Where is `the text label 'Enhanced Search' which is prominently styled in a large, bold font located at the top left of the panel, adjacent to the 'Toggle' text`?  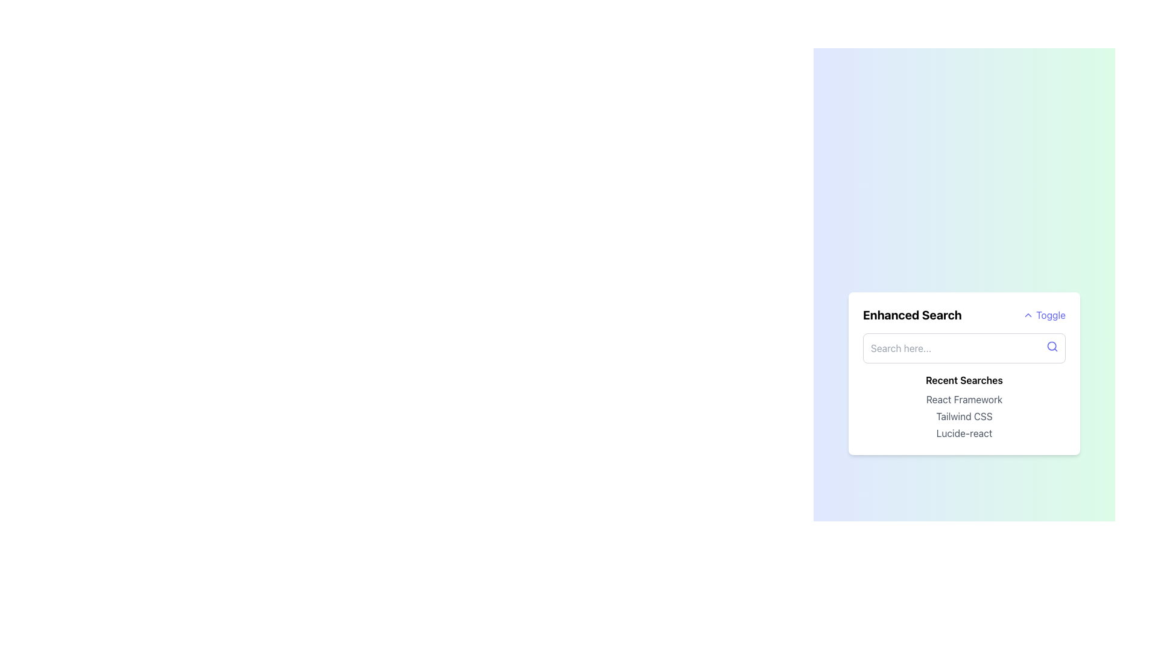 the text label 'Enhanced Search' which is prominently styled in a large, bold font located at the top left of the panel, adjacent to the 'Toggle' text is located at coordinates (912, 315).